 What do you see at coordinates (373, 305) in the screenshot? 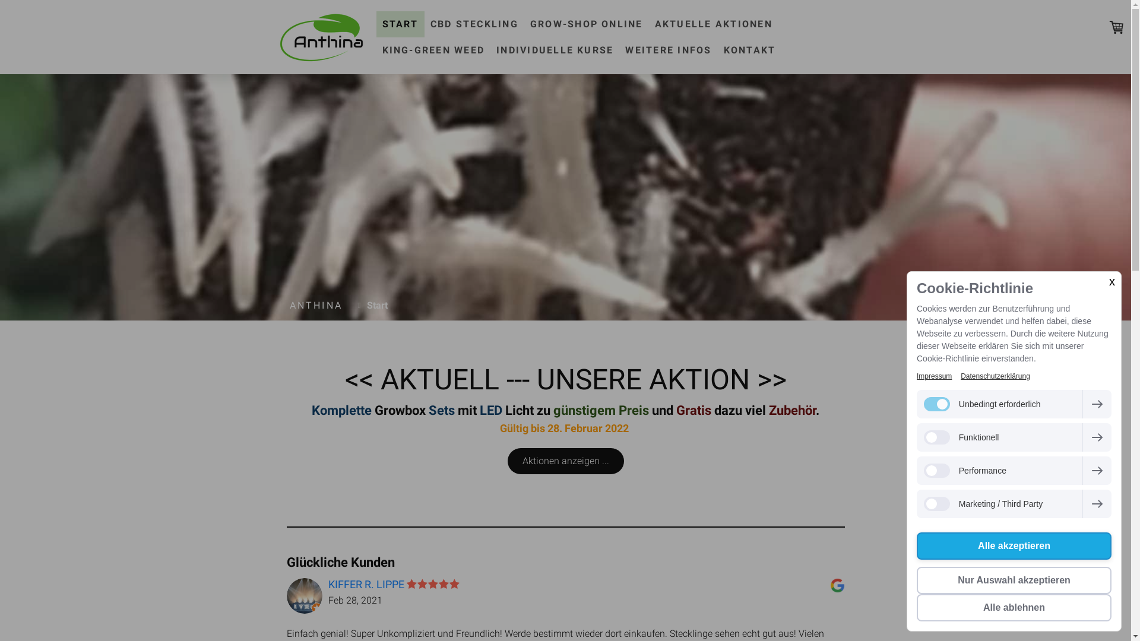
I see `'Start'` at bounding box center [373, 305].